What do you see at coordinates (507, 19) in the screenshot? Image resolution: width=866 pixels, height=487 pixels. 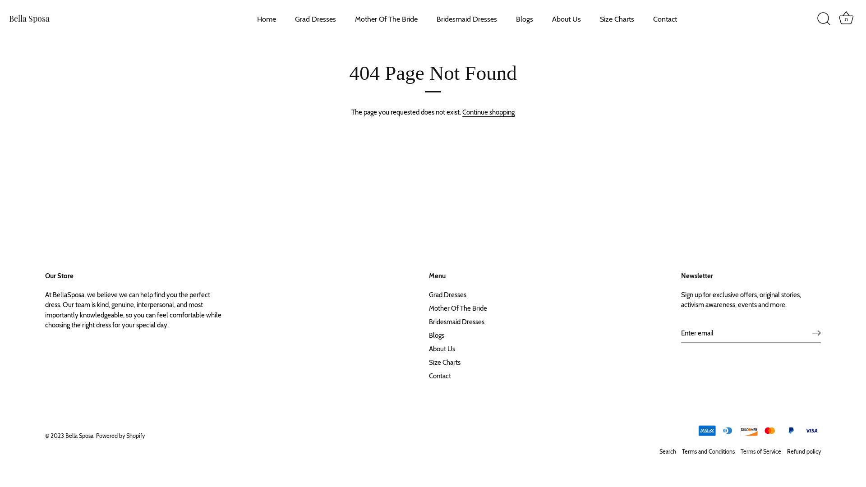 I see `'Blogs'` at bounding box center [507, 19].